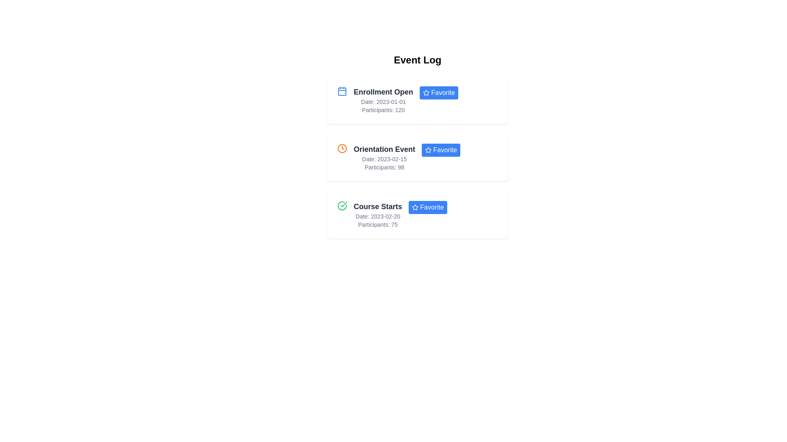 The image size is (787, 442). What do you see at coordinates (426, 92) in the screenshot?
I see `the star icon outlined with a blue border located next to the label 'Favorite' in the top-right corner of the first event card` at bounding box center [426, 92].